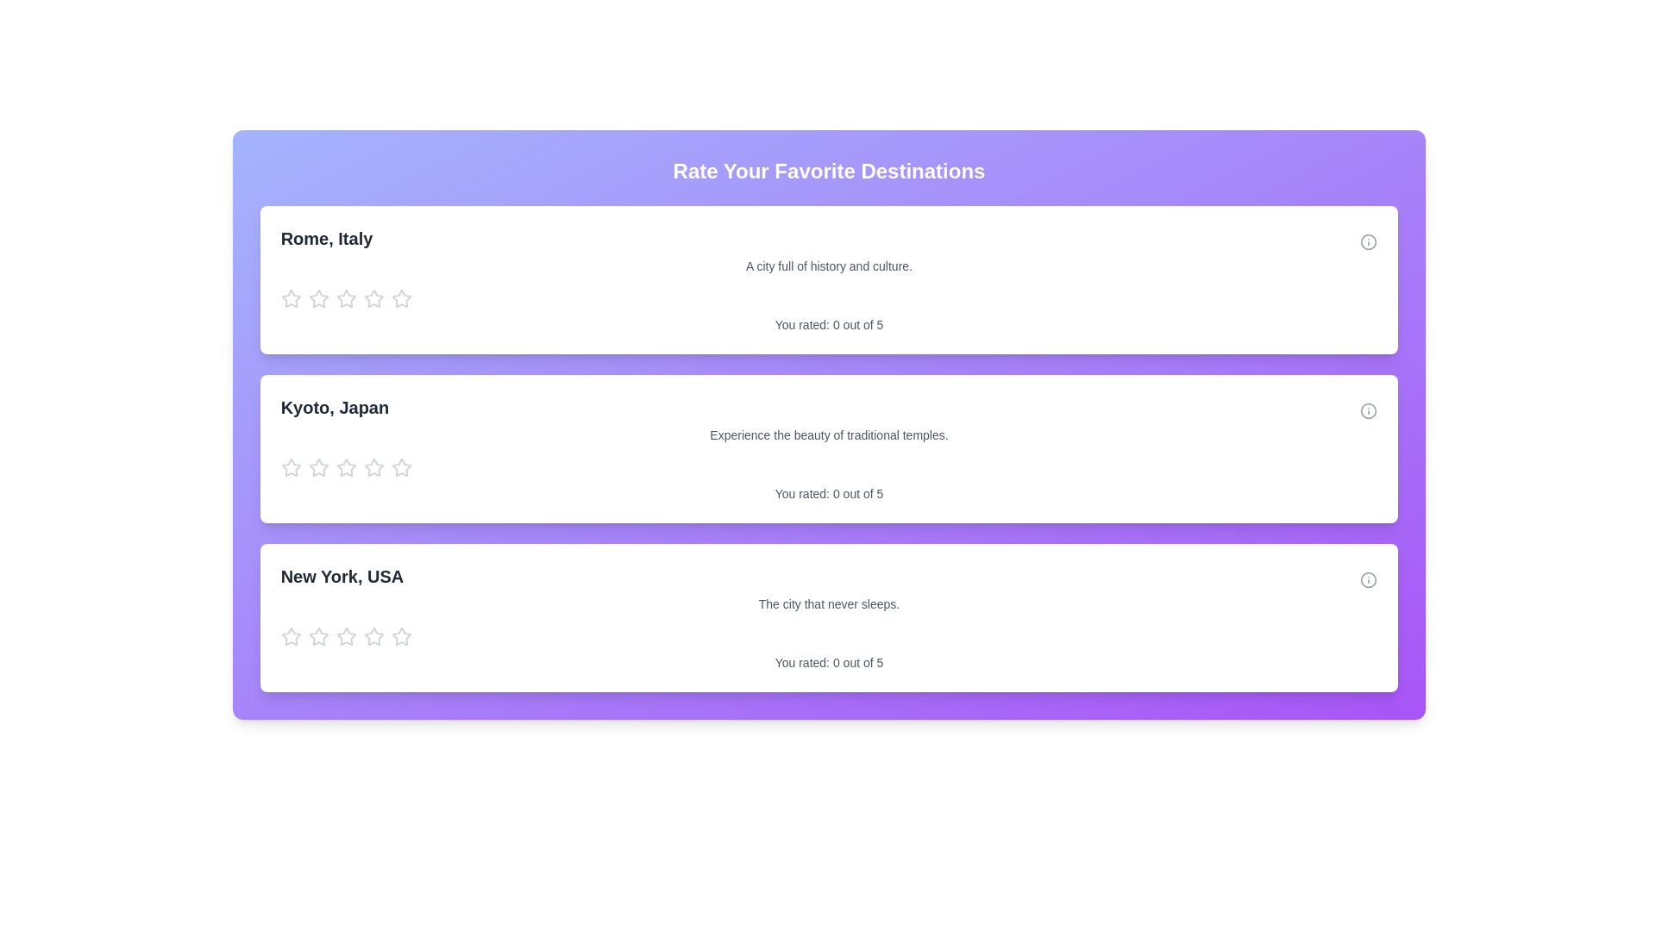  Describe the element at coordinates (291, 298) in the screenshot. I see `the first star icon used for rating feedback in the row for 'Rome, Italy'` at that location.